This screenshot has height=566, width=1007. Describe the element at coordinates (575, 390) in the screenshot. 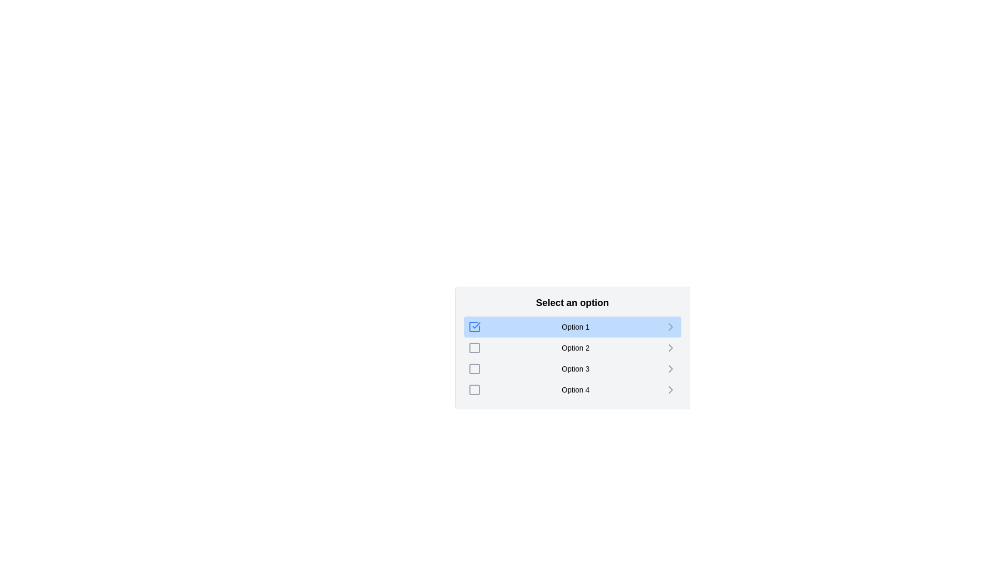

I see `the text label reading 'Option 4' which is aligned to the left of an icon indicating further options and located in the fourth row under the header 'Select an option'` at that location.